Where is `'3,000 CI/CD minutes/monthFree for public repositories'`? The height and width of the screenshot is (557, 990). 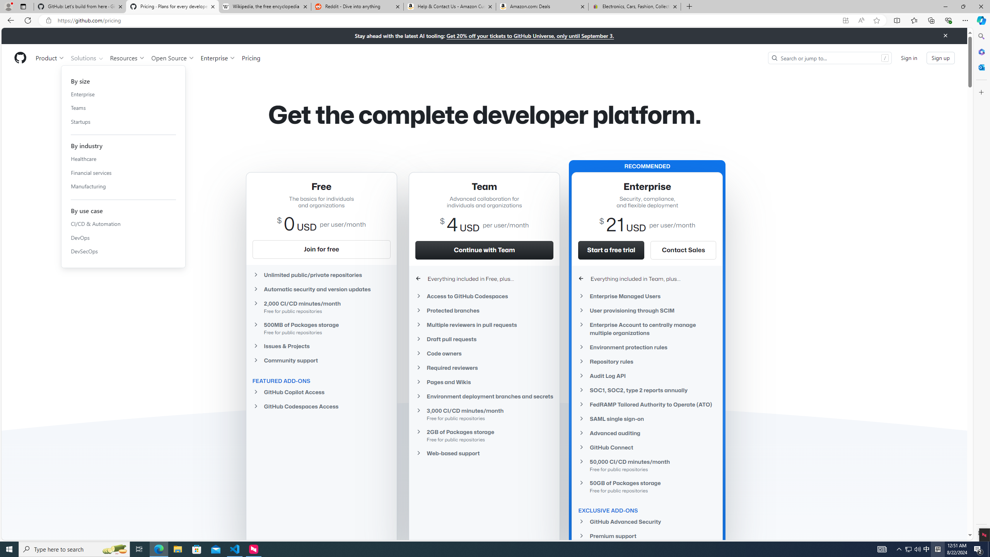
'3,000 CI/CD minutes/monthFree for public repositories' is located at coordinates (484, 413).